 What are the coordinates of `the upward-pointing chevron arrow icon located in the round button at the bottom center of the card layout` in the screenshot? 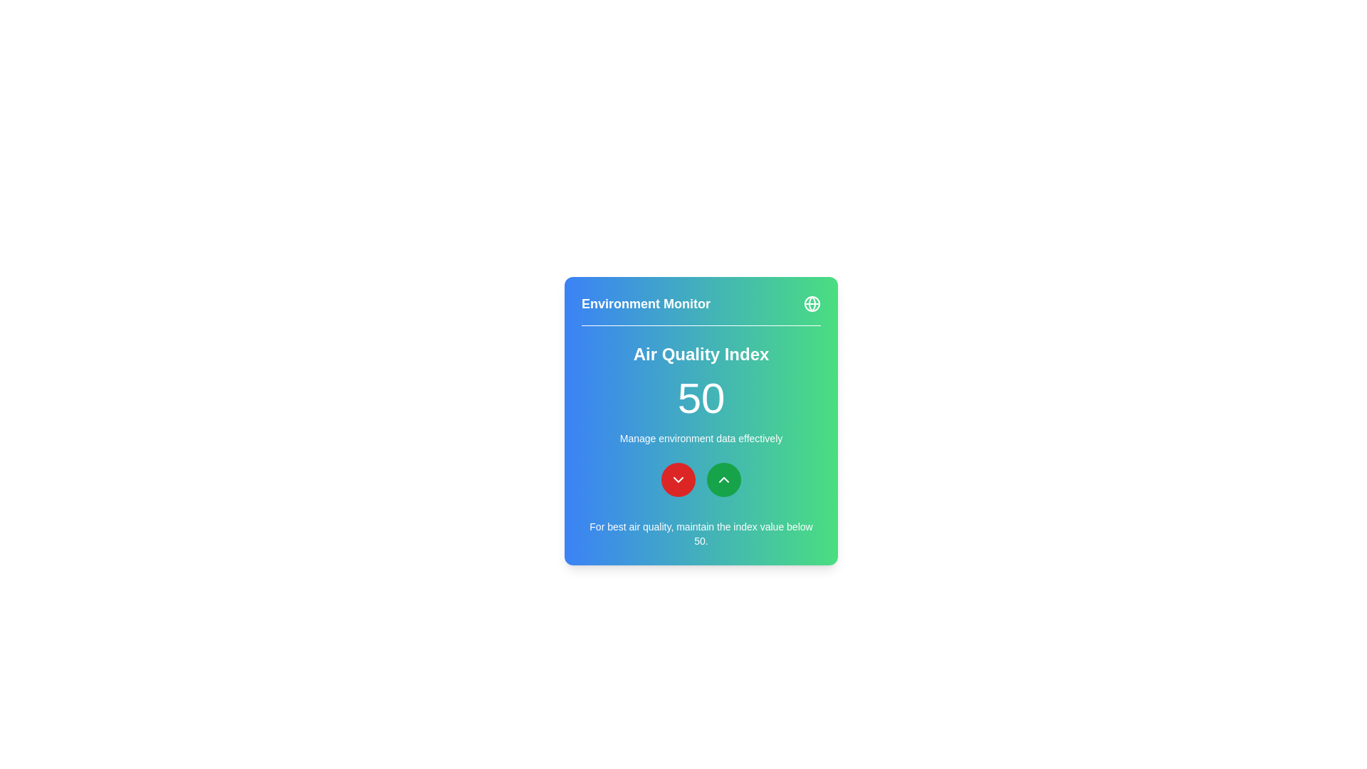 It's located at (724, 480).